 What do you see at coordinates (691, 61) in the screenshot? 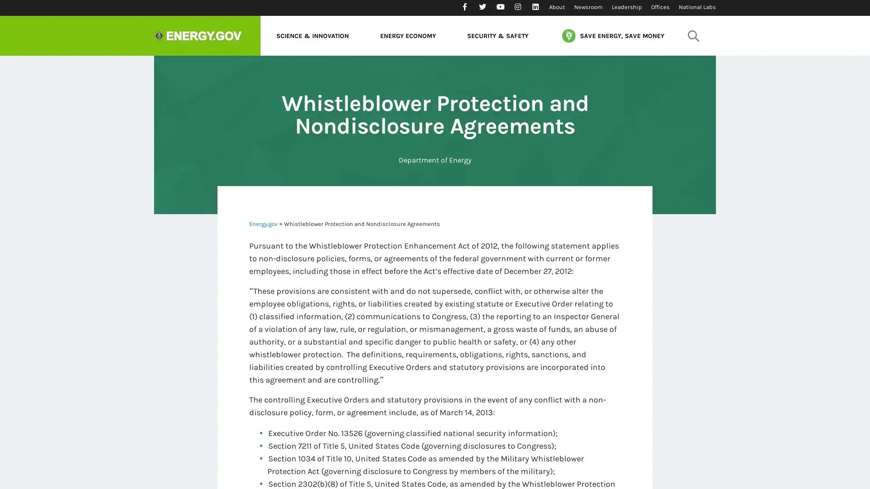
I see `SEARCH` at bounding box center [691, 61].